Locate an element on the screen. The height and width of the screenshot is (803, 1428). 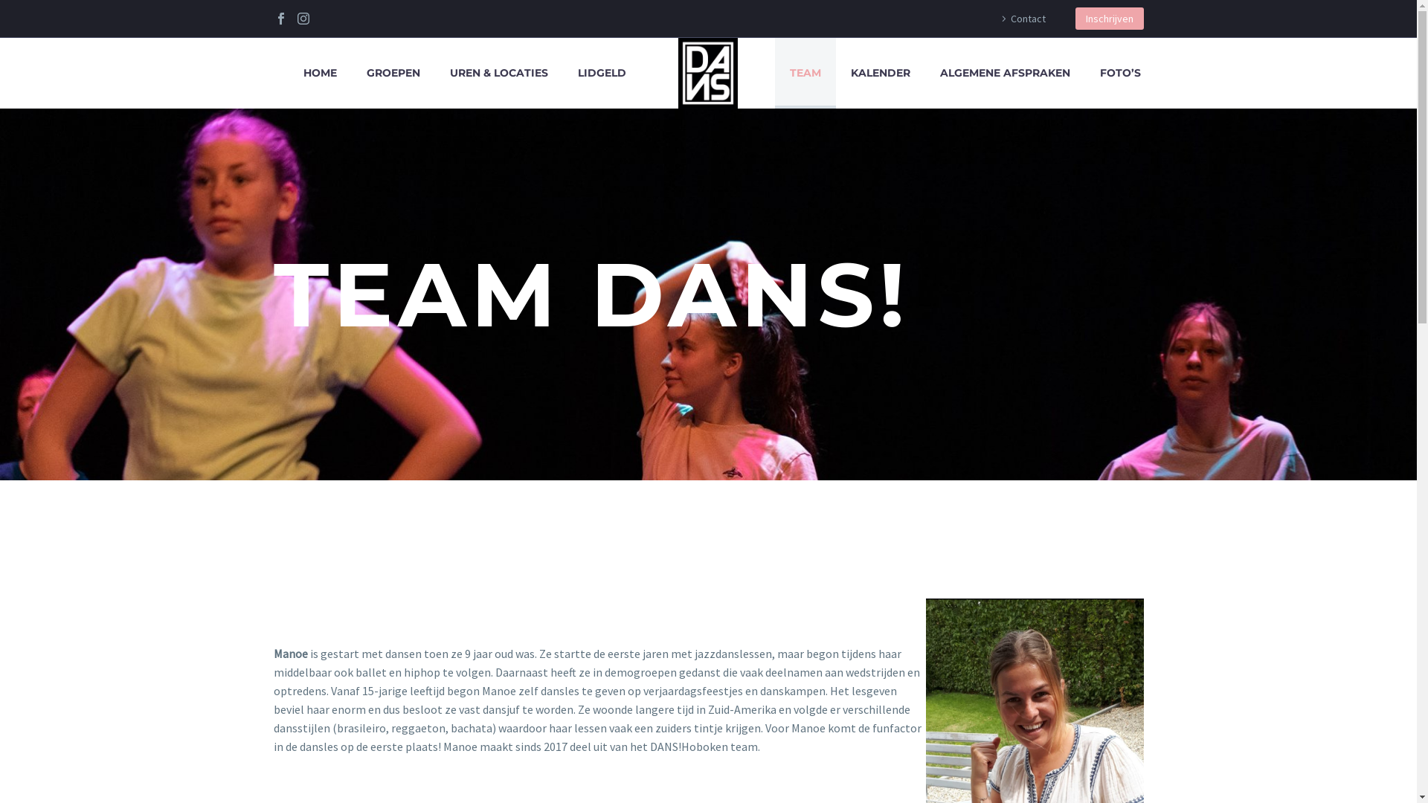
'Contact' is located at coordinates (1020, 18).